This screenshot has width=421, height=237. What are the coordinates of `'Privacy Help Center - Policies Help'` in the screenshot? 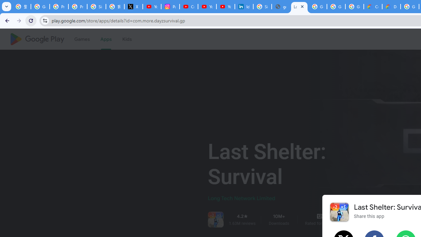 It's located at (78, 7).